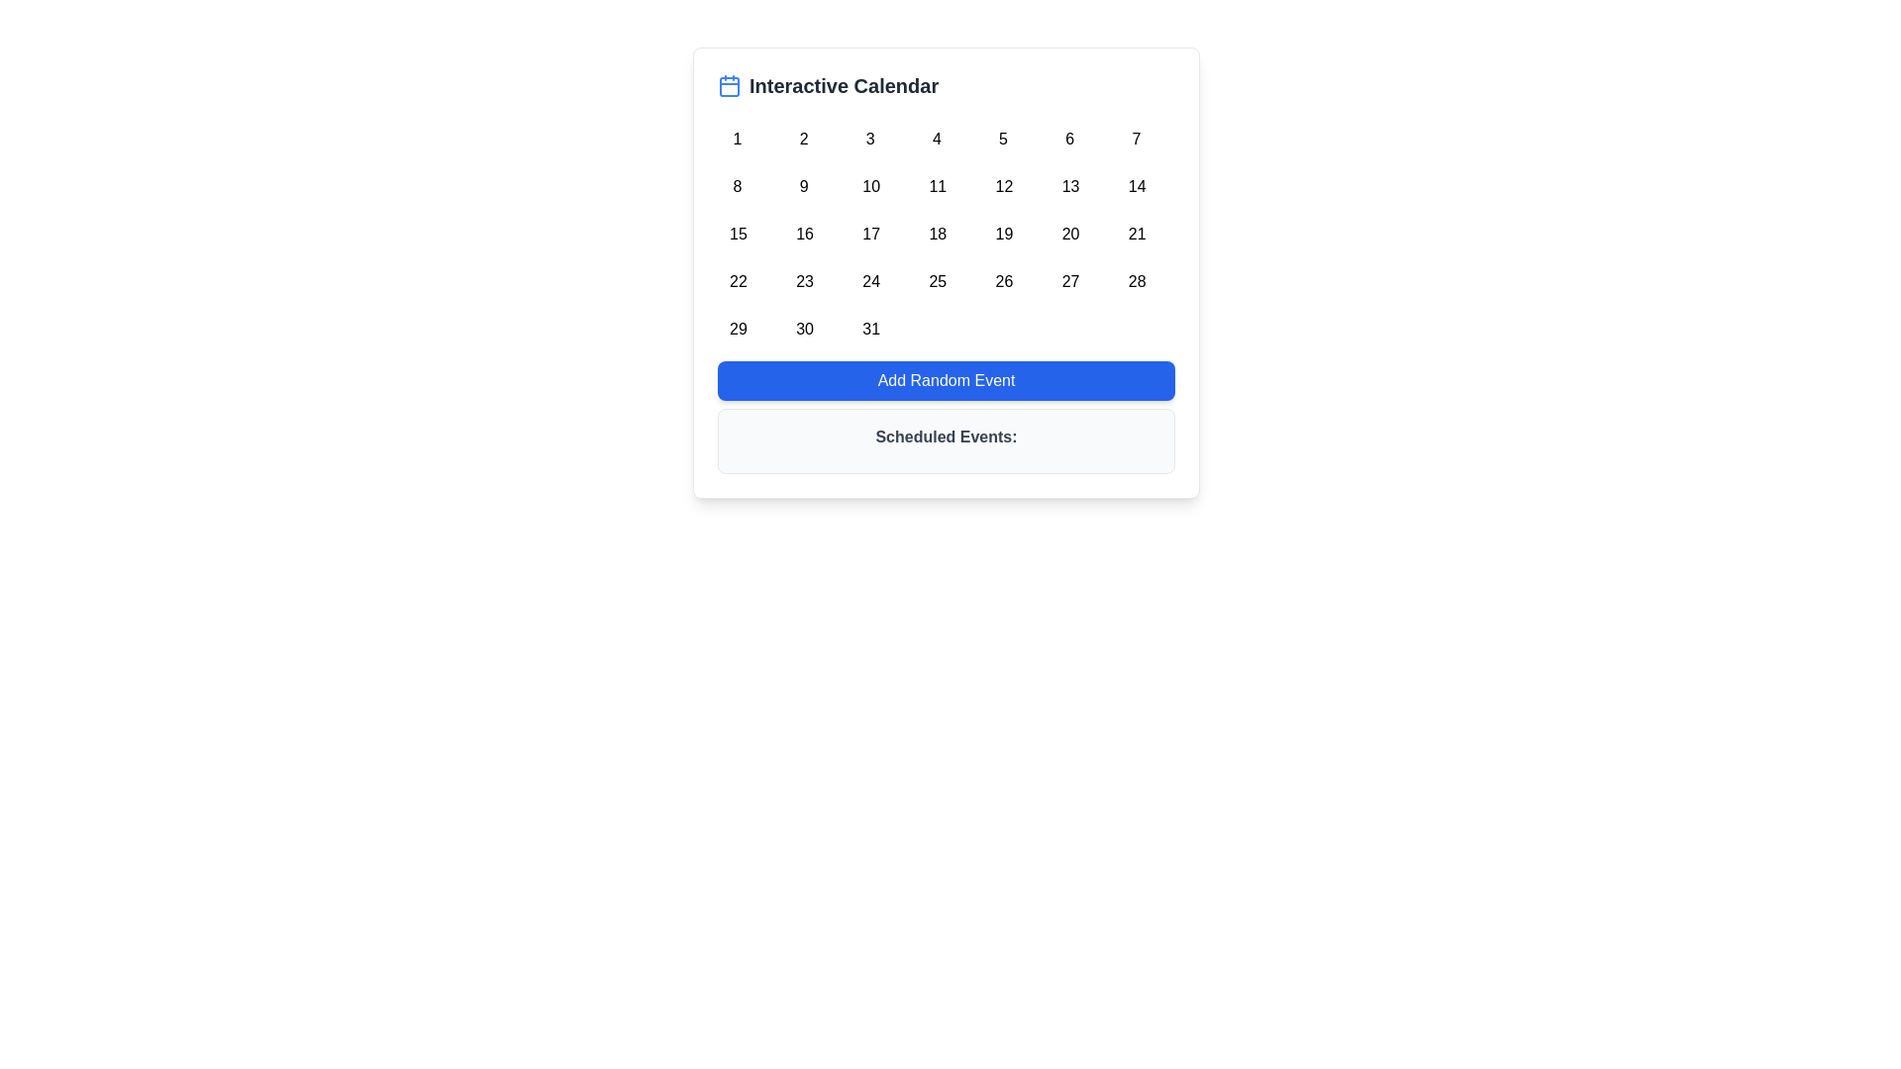 This screenshot has height=1069, width=1901. I want to click on to select the Calendar date cell displaying the number '14', which is located in the second row and seventh column of the calendar grid, so click(1136, 183).